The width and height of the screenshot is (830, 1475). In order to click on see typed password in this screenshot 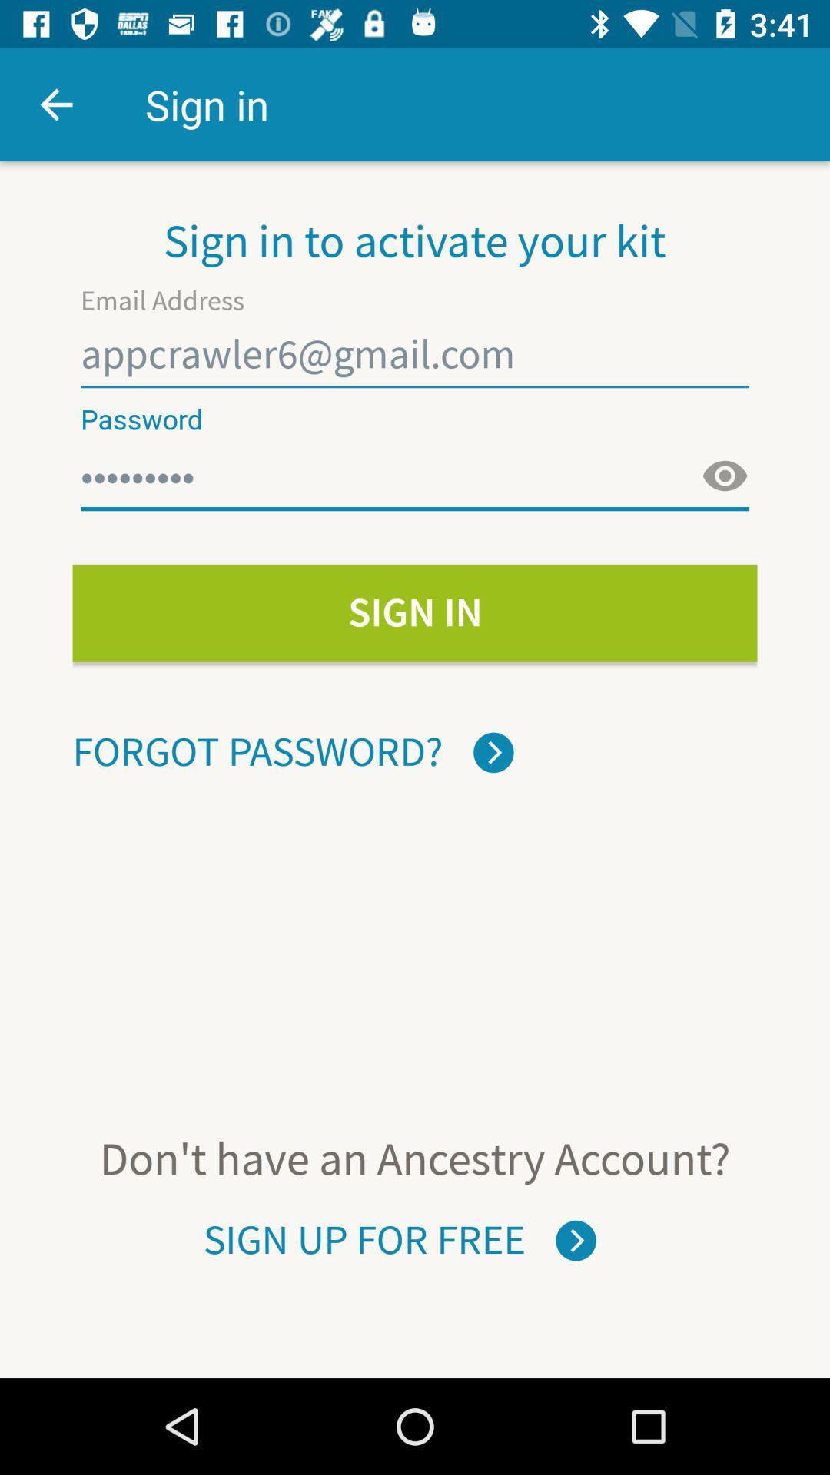, I will do `click(725, 476)`.